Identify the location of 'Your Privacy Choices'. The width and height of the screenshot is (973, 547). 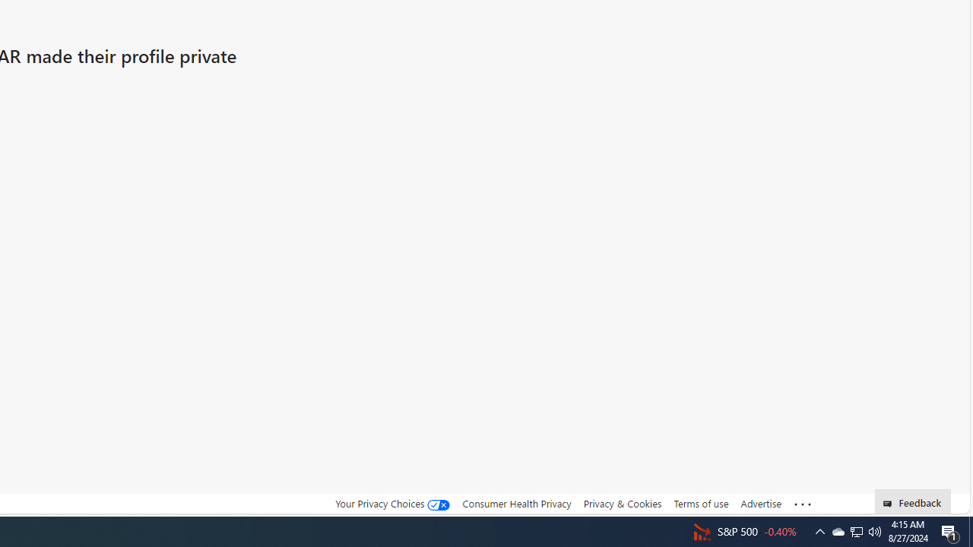
(393, 504).